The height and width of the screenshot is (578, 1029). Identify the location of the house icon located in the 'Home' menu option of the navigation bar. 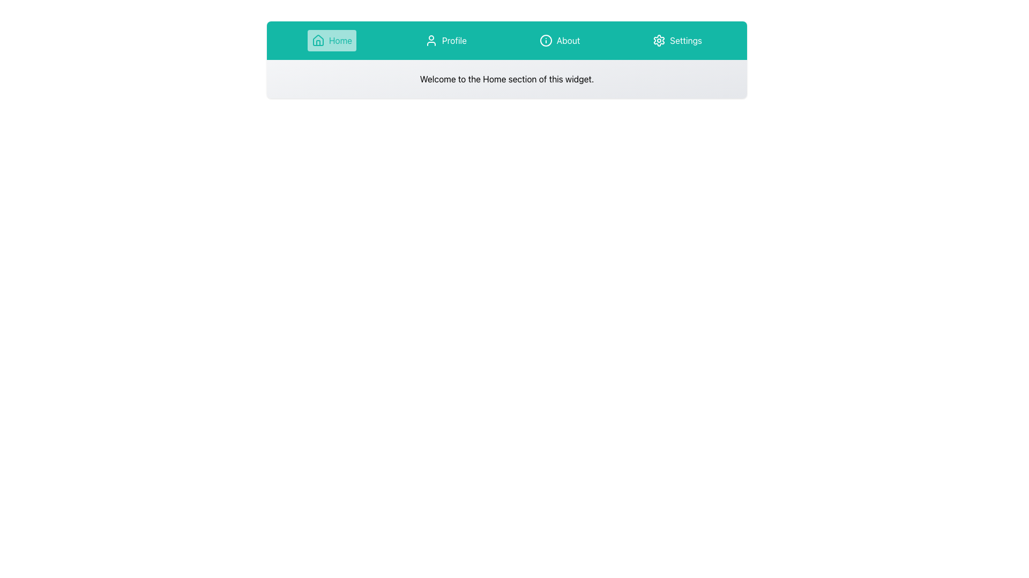
(317, 40).